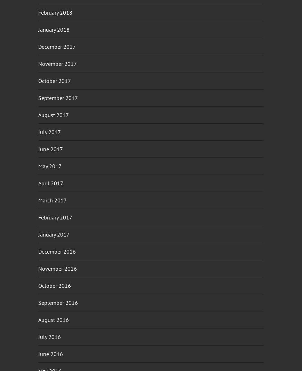  What do you see at coordinates (55, 285) in the screenshot?
I see `'October 2016'` at bounding box center [55, 285].